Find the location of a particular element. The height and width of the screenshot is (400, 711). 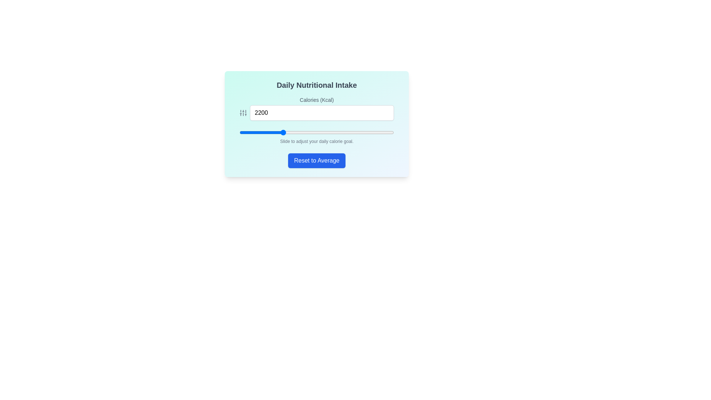

the text label displaying 'Calories (Kcal)' which is positioned above the input box and is styled with a small font size and gray color is located at coordinates (317, 100).